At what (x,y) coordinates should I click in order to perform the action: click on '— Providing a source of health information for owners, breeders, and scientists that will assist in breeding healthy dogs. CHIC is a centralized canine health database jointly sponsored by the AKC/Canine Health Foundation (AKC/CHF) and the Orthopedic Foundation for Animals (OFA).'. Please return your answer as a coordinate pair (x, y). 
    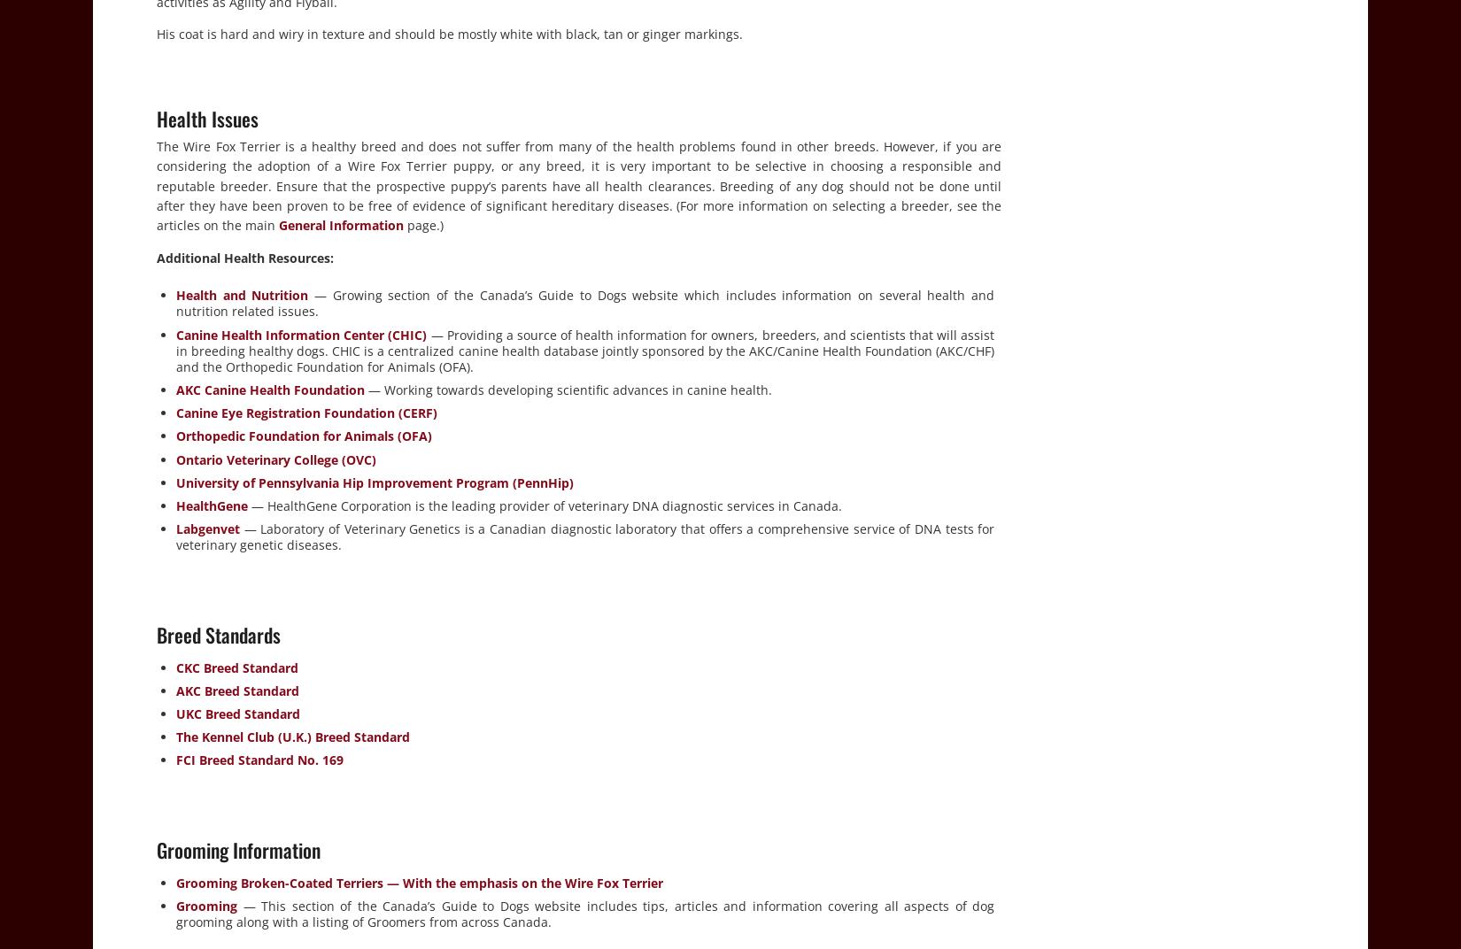
    Looking at the image, I should click on (584, 350).